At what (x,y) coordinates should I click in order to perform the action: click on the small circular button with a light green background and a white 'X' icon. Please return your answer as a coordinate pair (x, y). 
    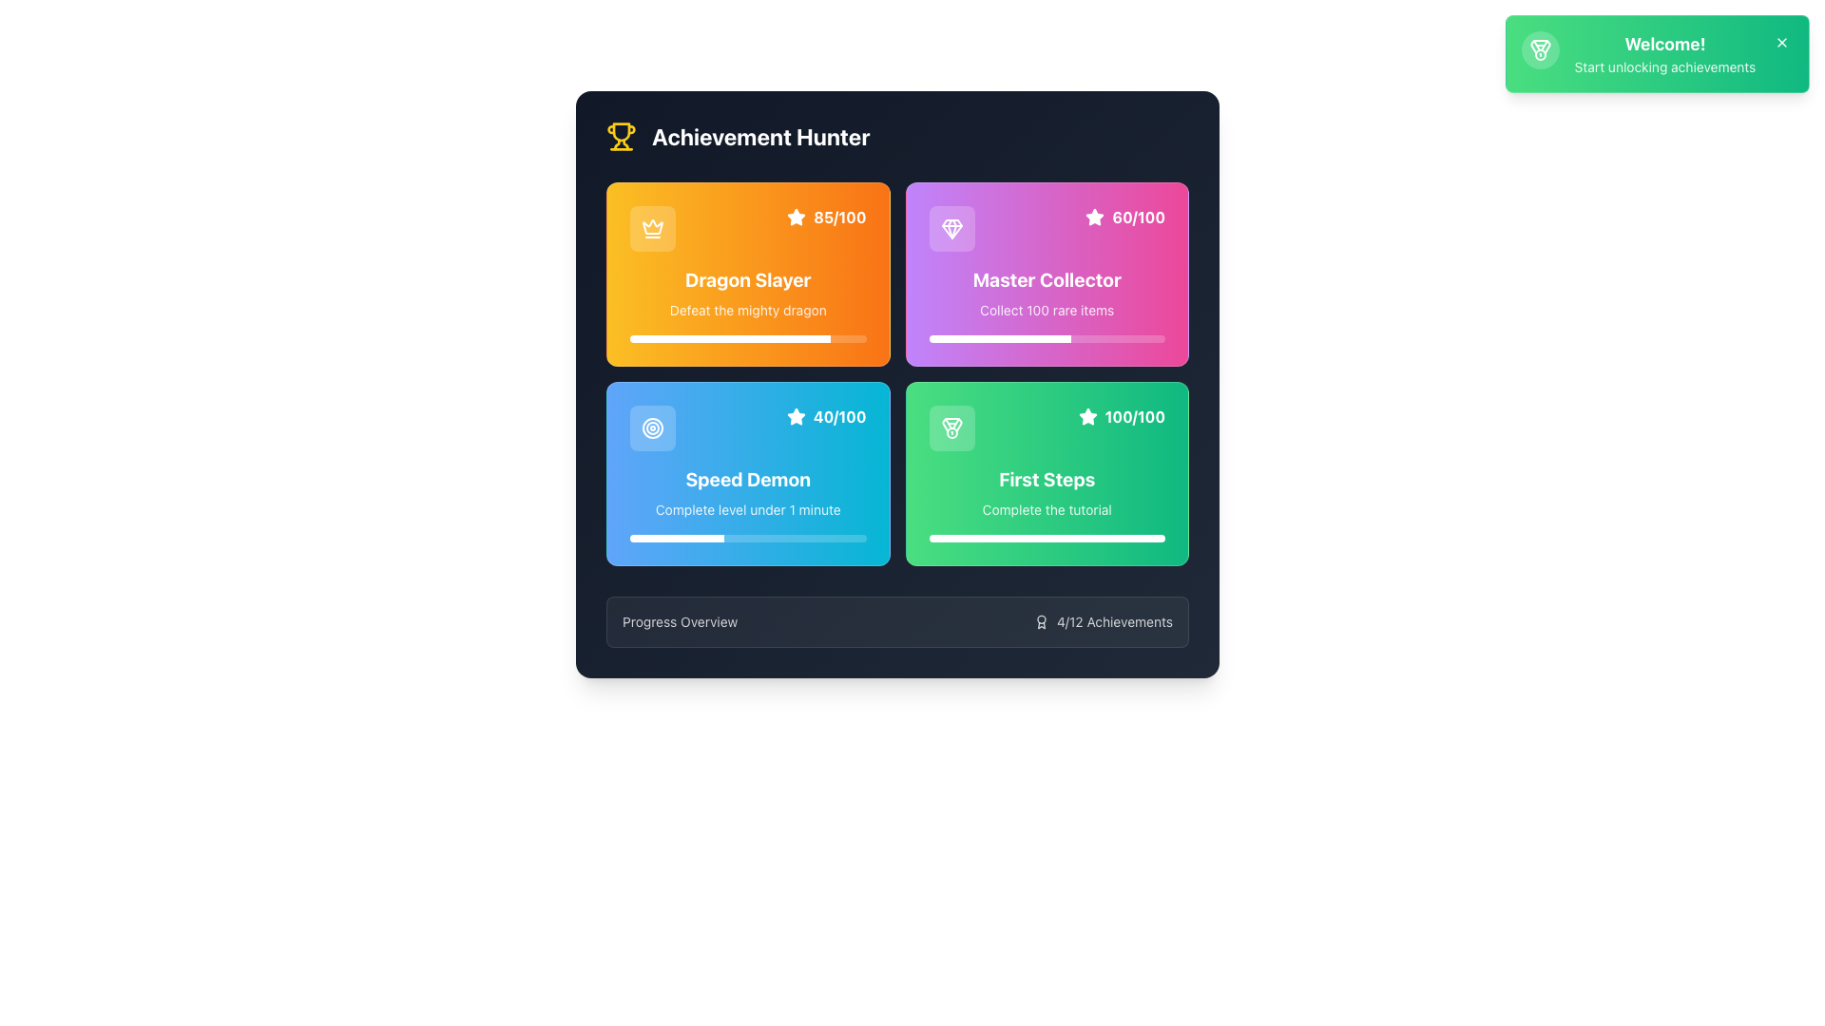
    Looking at the image, I should click on (1781, 43).